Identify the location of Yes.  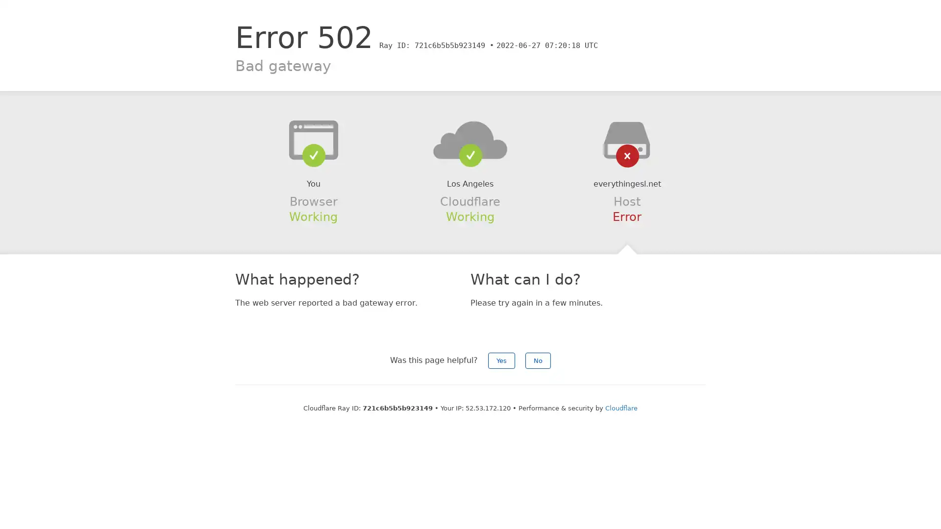
(501, 361).